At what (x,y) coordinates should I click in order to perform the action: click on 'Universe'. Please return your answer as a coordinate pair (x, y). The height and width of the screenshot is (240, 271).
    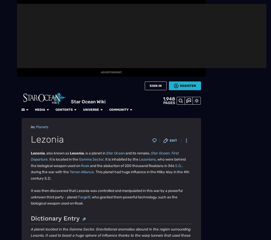
    Looking at the image, I should click on (105, 5).